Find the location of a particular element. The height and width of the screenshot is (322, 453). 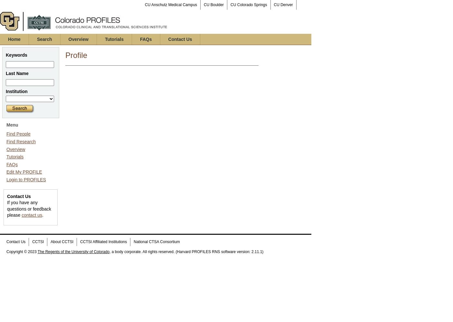

'About CCTSI' is located at coordinates (62, 241).